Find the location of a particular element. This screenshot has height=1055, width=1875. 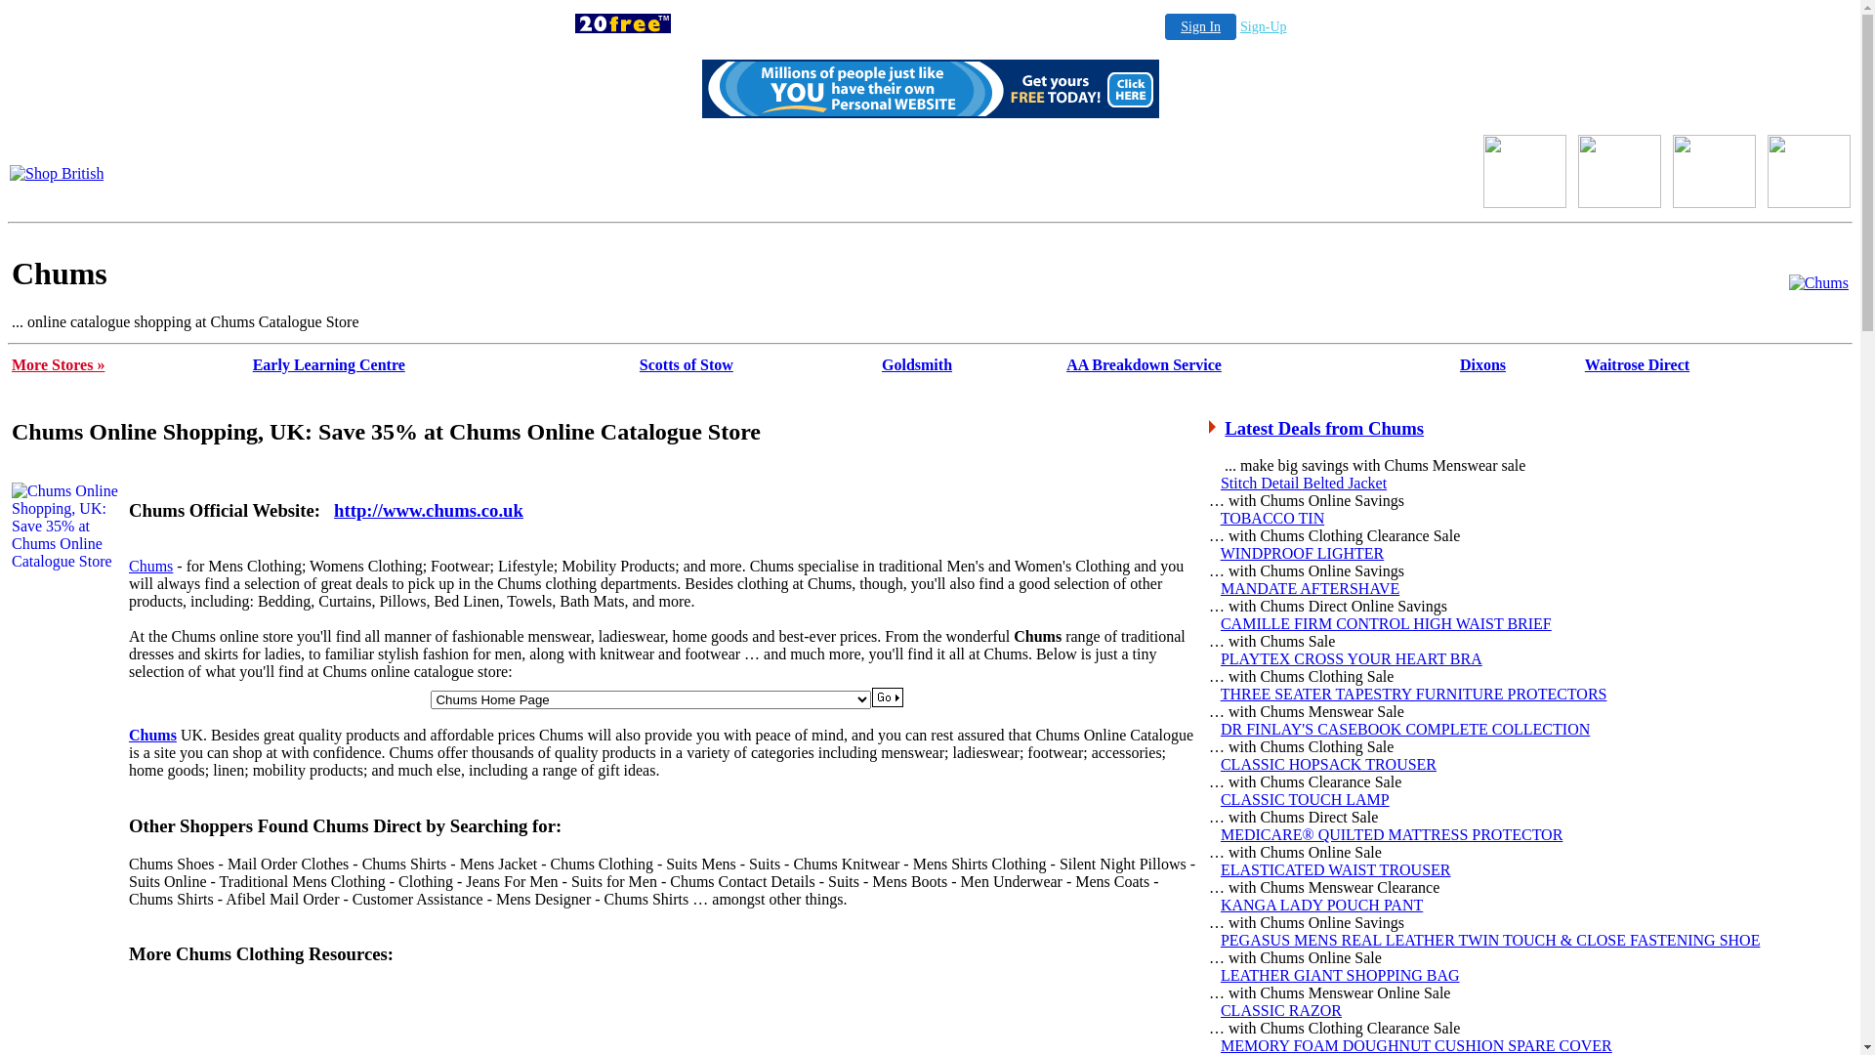

'PLAYTEX CROSS YOUR HEART BRA' is located at coordinates (1350, 658).